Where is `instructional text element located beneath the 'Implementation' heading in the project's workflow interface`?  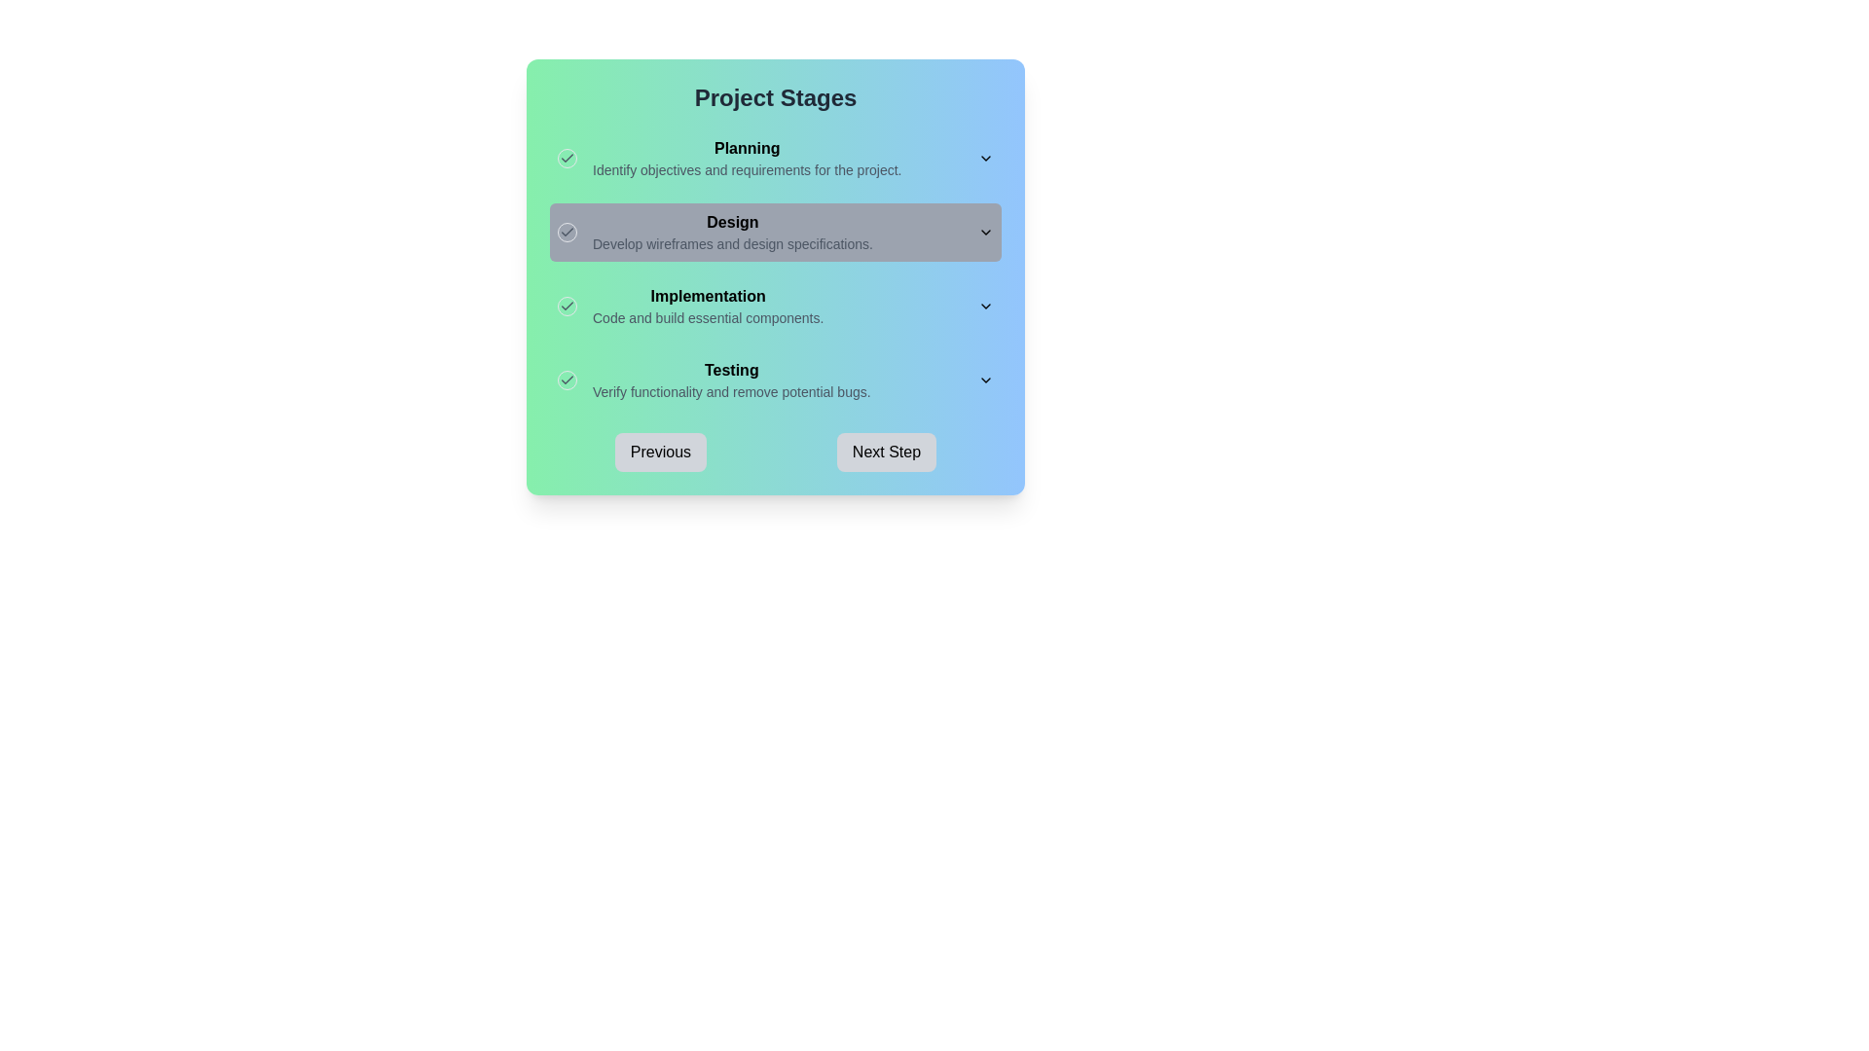
instructional text element located beneath the 'Implementation' heading in the project's workflow interface is located at coordinates (707, 317).